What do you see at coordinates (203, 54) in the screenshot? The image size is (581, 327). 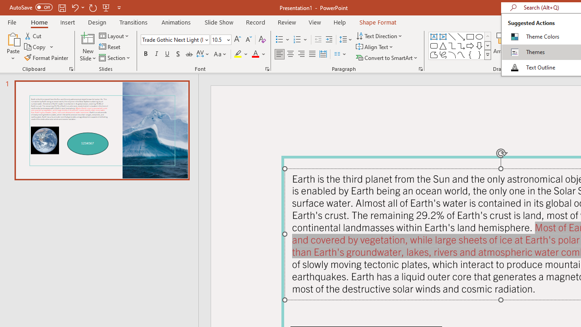 I see `'Character Spacing'` at bounding box center [203, 54].